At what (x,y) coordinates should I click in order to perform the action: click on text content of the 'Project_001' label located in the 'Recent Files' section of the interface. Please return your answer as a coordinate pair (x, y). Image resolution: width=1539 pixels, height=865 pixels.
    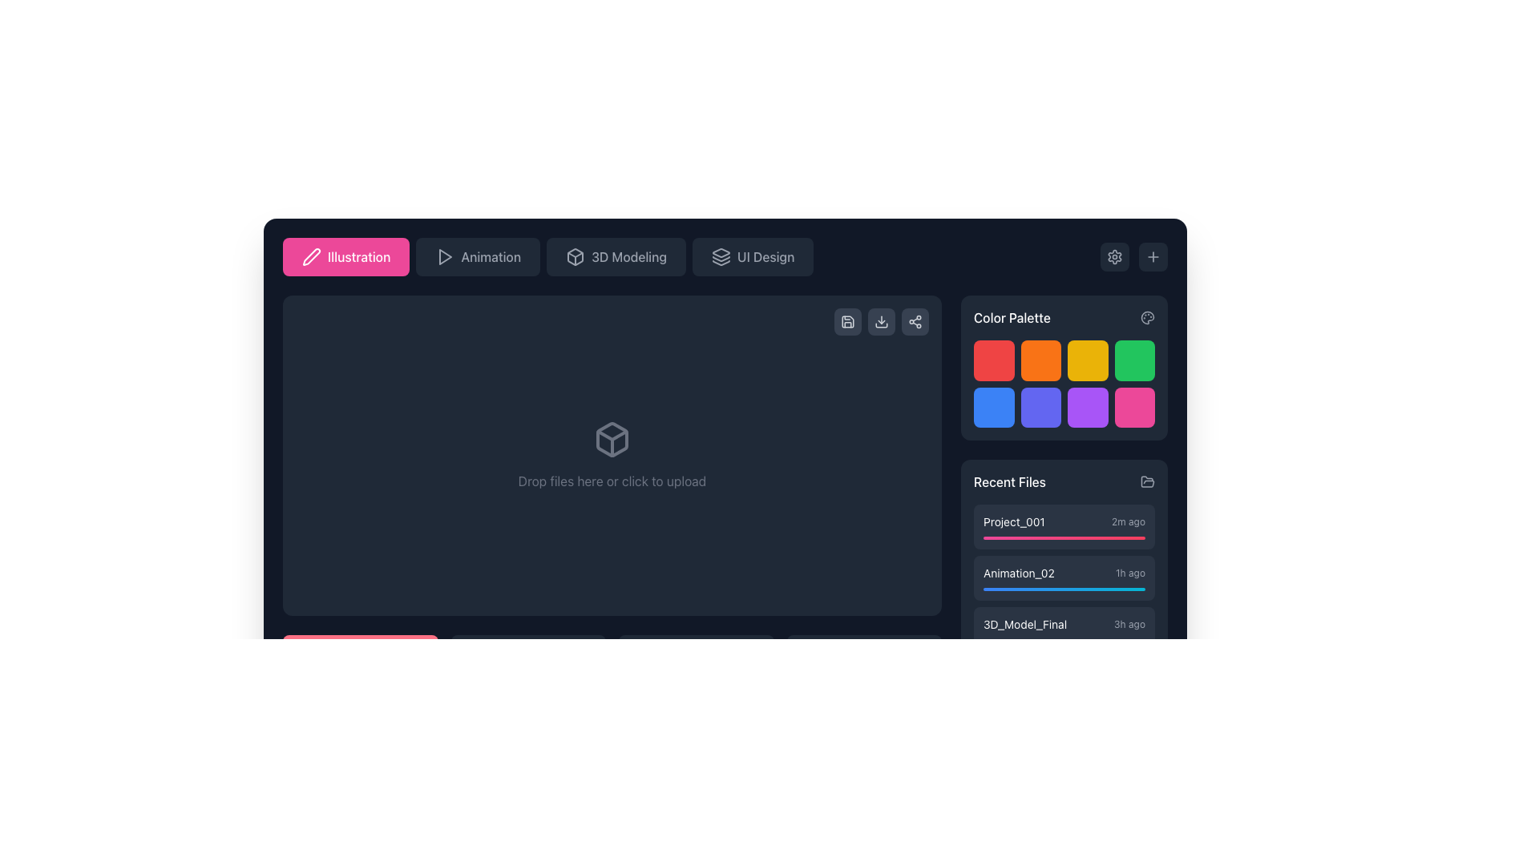
    Looking at the image, I should click on (1013, 521).